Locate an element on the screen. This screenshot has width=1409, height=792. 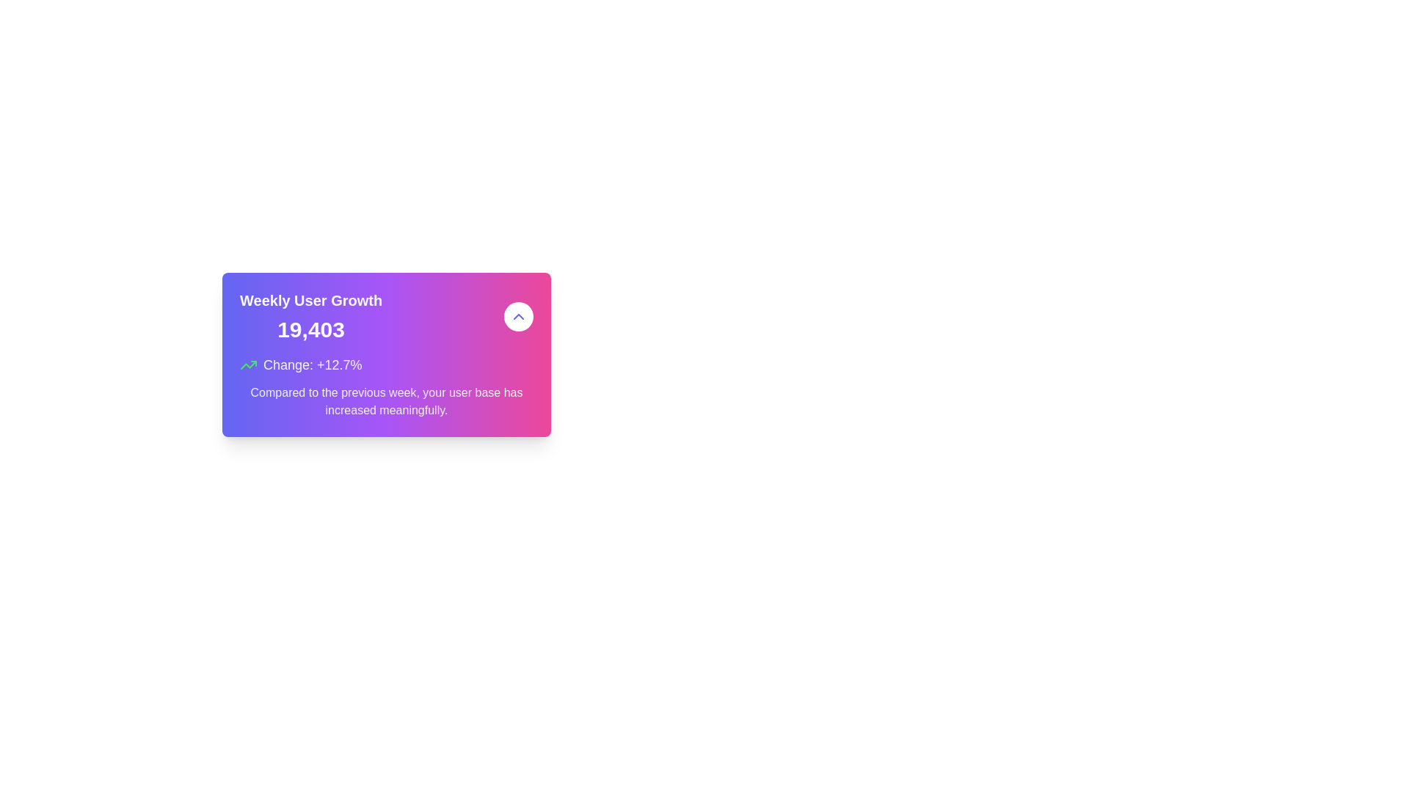
text label that serves as a title for the statistical data presented in the card, positioned at the top-left corner above the numerical text '19,403' is located at coordinates (310, 299).